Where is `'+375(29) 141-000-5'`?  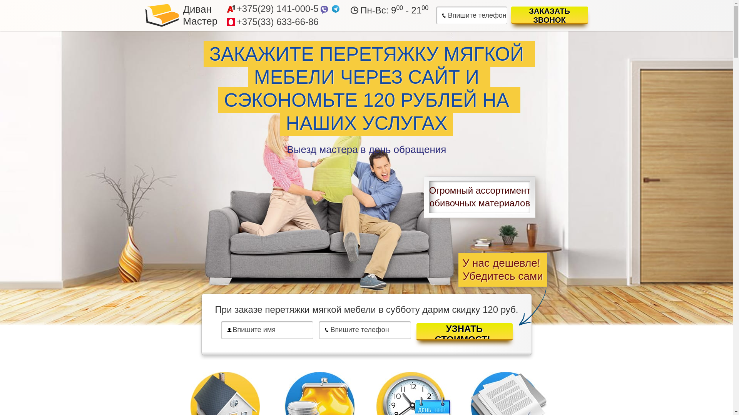
'+375(29) 141-000-5' is located at coordinates (277, 9).